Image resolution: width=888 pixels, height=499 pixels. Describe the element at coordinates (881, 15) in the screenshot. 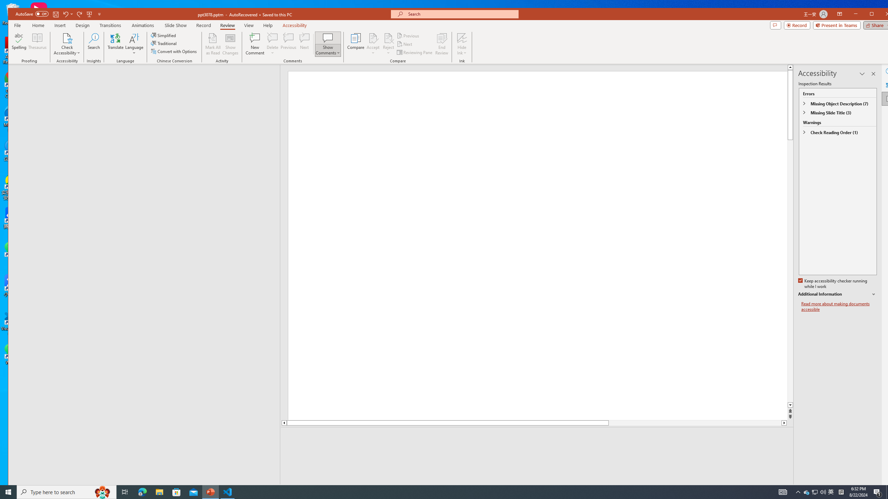

I see `'Maximize'` at that location.